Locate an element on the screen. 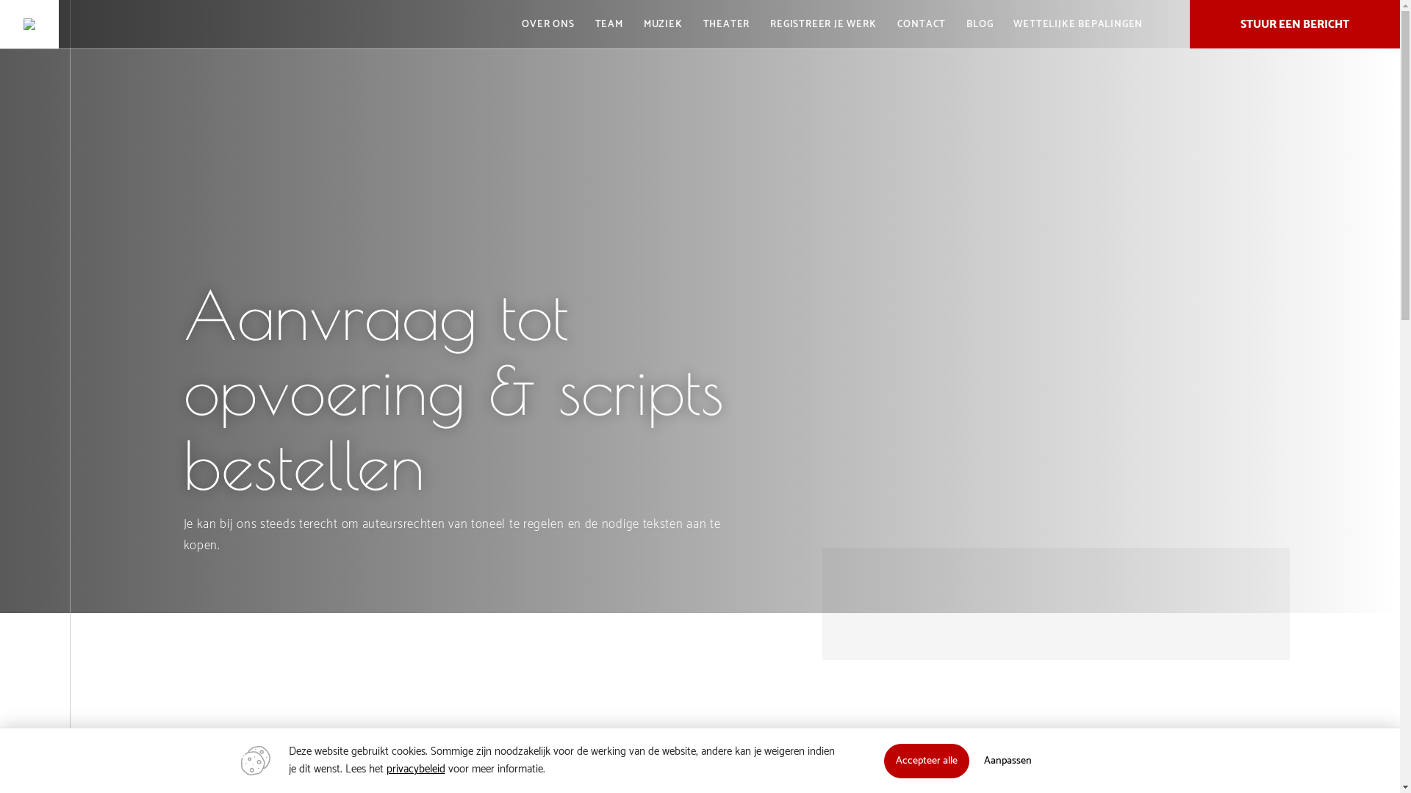  'privacybeleid' is located at coordinates (415, 768).